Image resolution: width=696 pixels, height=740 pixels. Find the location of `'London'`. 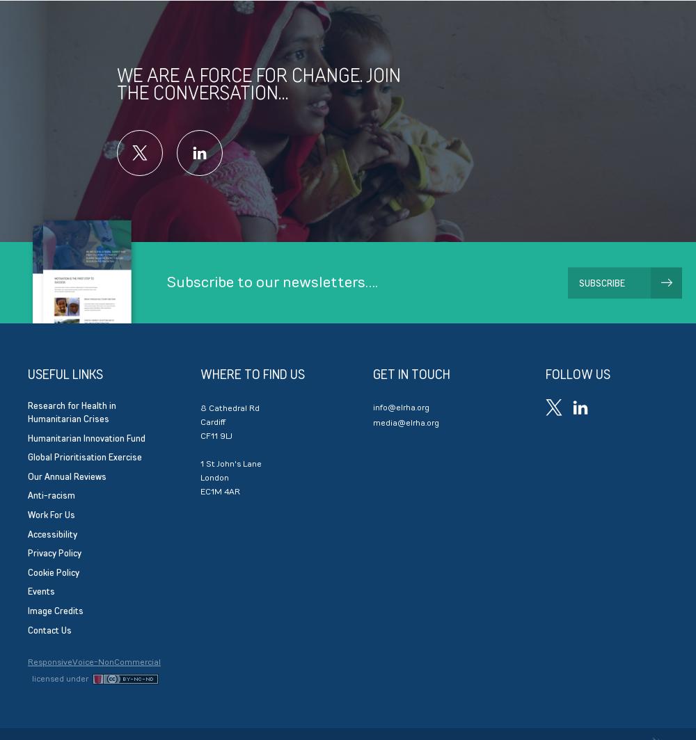

'London' is located at coordinates (214, 476).